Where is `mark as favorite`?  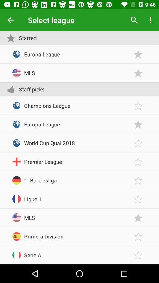
mark as favorite is located at coordinates (138, 54).